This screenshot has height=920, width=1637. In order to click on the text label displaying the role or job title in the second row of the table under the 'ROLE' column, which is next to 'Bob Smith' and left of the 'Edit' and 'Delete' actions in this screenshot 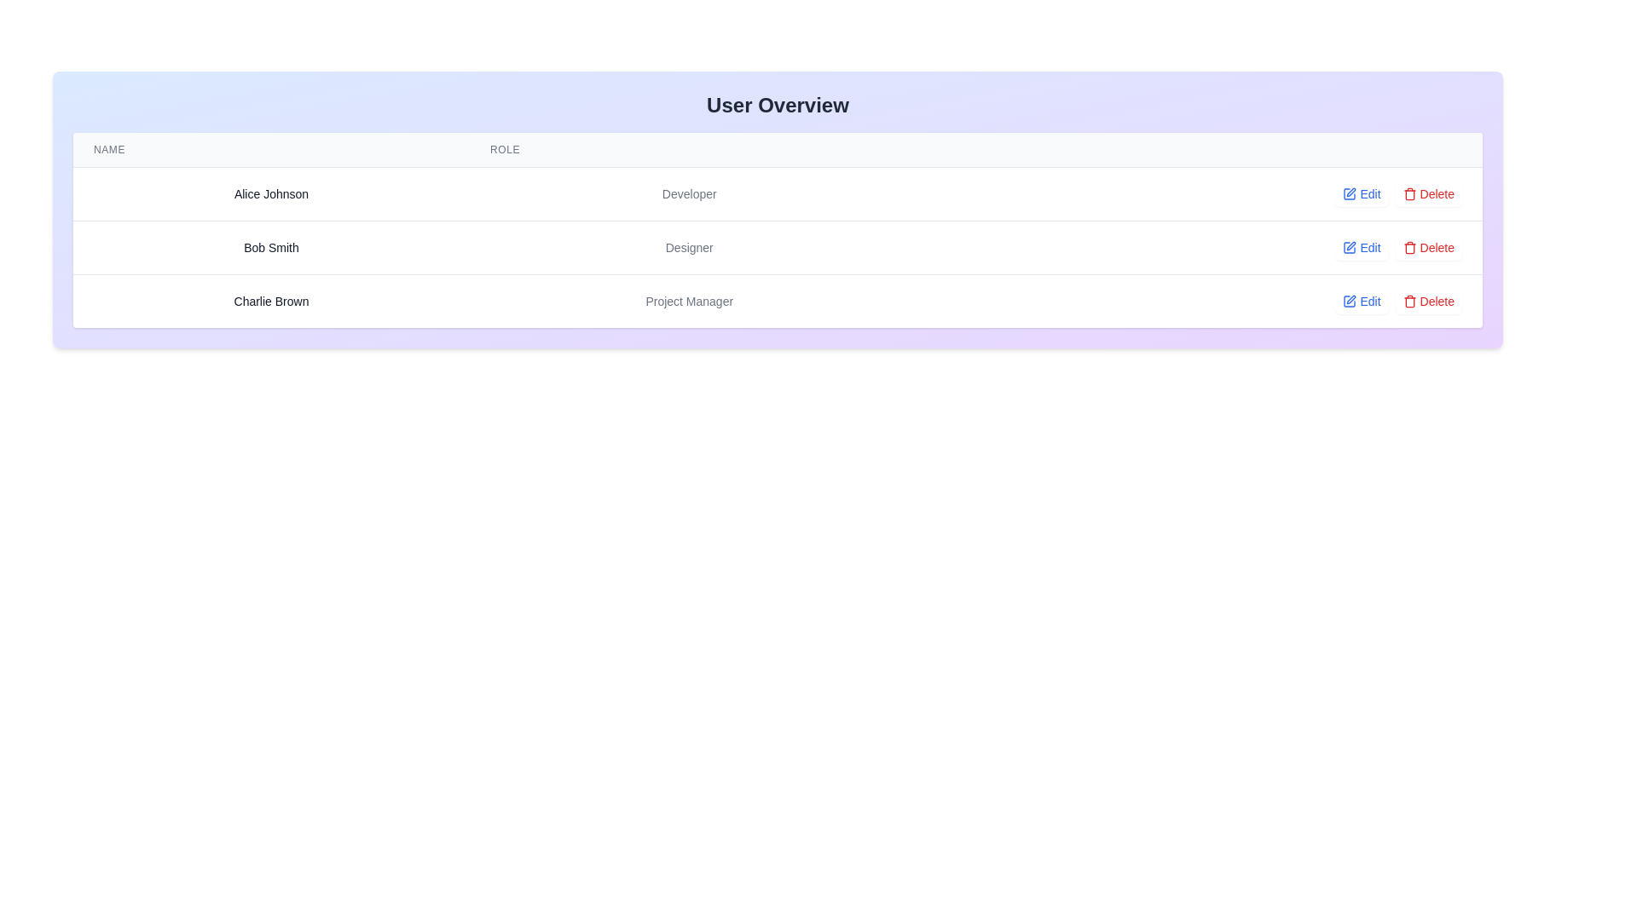, I will do `click(689, 247)`.